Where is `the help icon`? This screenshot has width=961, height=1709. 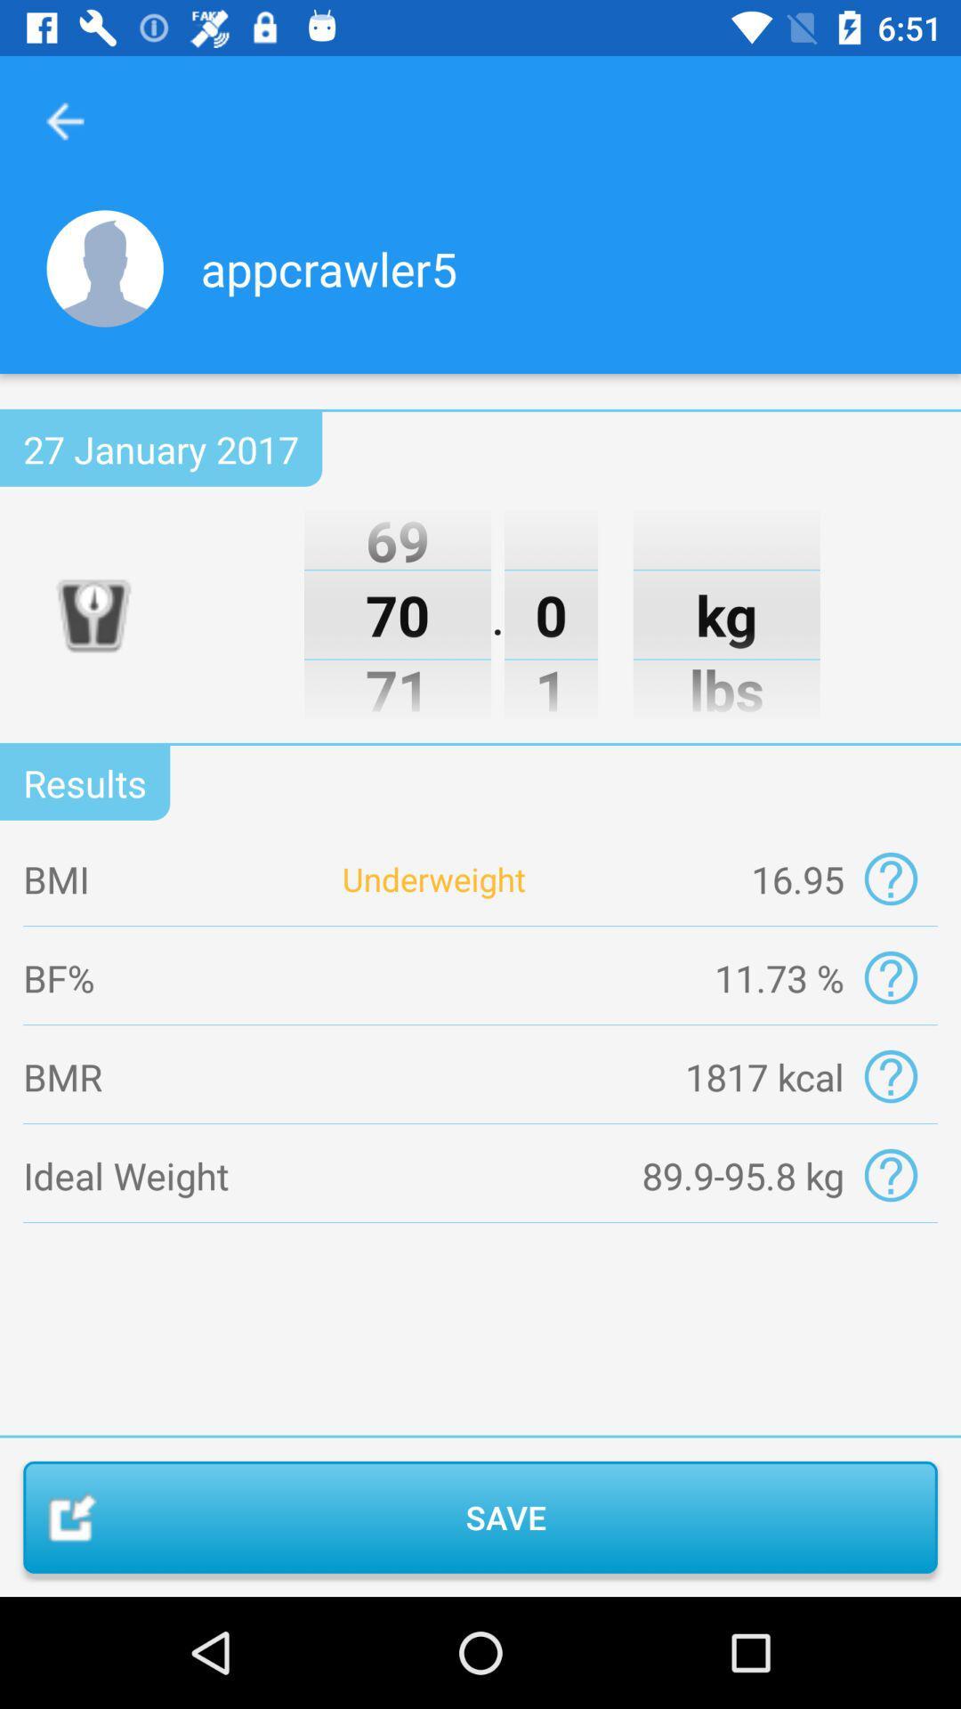
the help icon is located at coordinates (891, 976).